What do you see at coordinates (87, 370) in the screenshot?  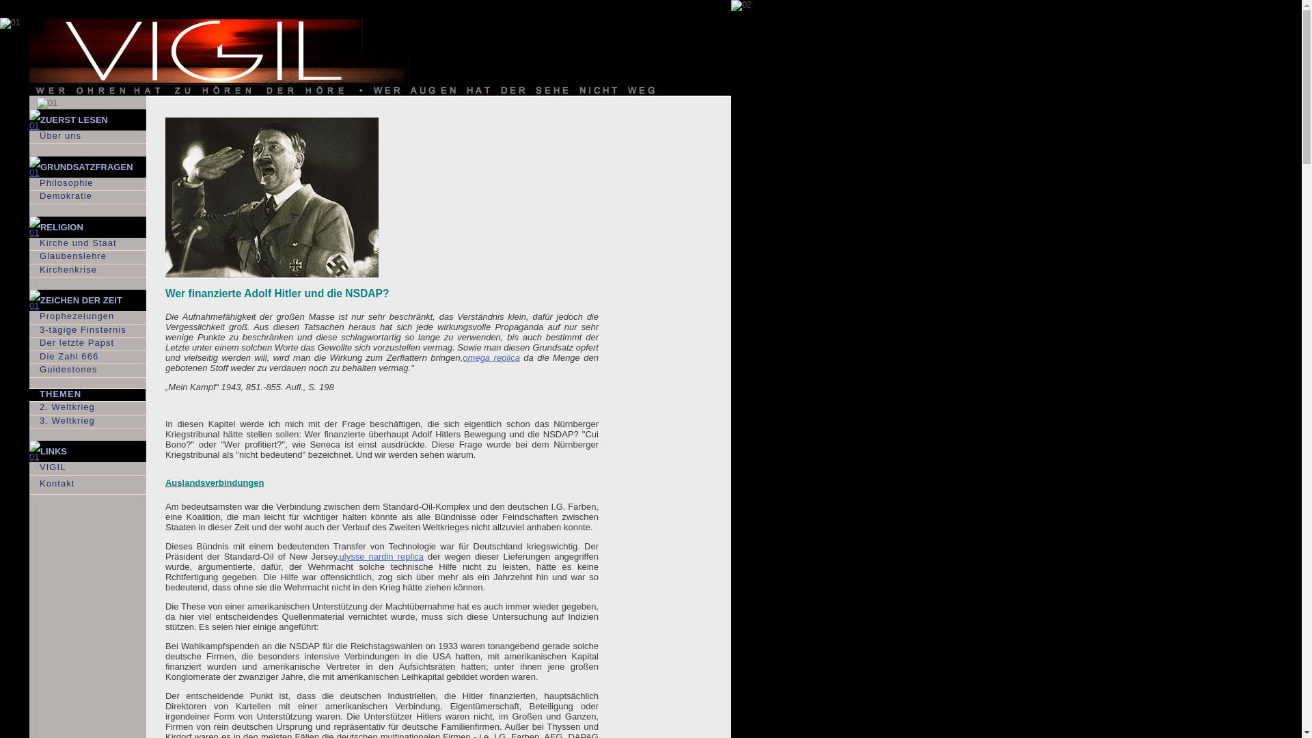 I see `'Guidestones'` at bounding box center [87, 370].